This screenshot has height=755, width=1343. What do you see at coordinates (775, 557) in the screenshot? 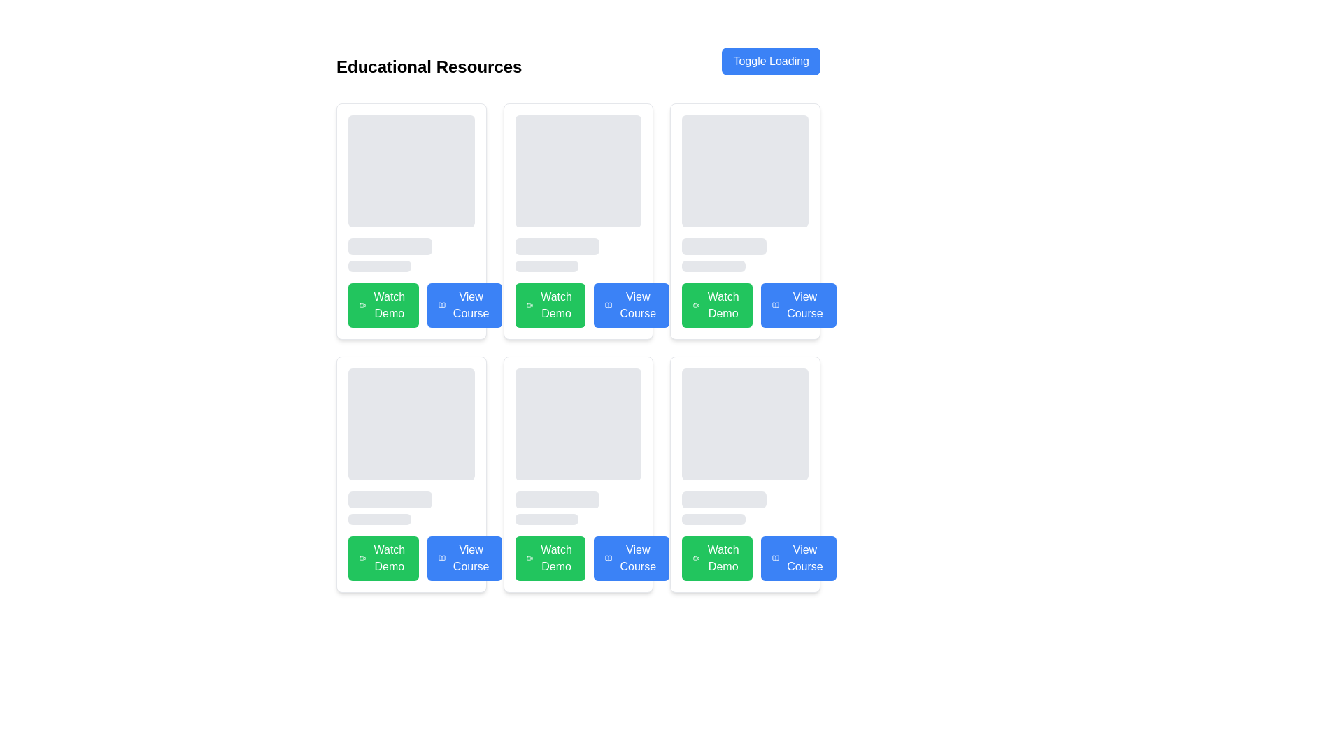
I see `the leftmost icon in the 'View Course' button located in the bottom-right corner of the grid layout` at bounding box center [775, 557].